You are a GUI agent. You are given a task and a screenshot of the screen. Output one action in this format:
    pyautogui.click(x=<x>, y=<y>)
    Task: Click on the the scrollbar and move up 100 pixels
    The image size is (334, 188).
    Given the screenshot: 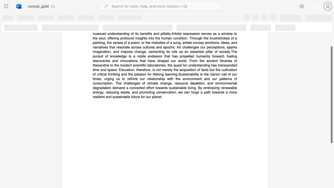 What is the action you would take?
    pyautogui.click(x=331, y=95)
    